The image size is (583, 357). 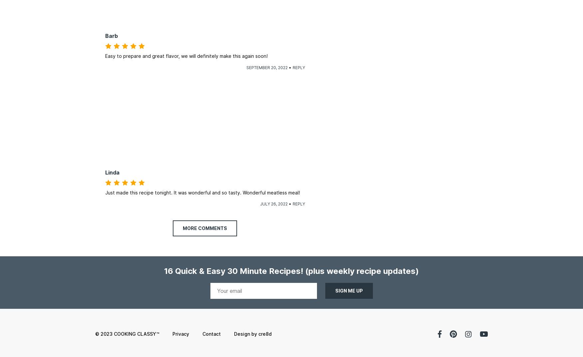 What do you see at coordinates (112, 172) in the screenshot?
I see `'Linda'` at bounding box center [112, 172].